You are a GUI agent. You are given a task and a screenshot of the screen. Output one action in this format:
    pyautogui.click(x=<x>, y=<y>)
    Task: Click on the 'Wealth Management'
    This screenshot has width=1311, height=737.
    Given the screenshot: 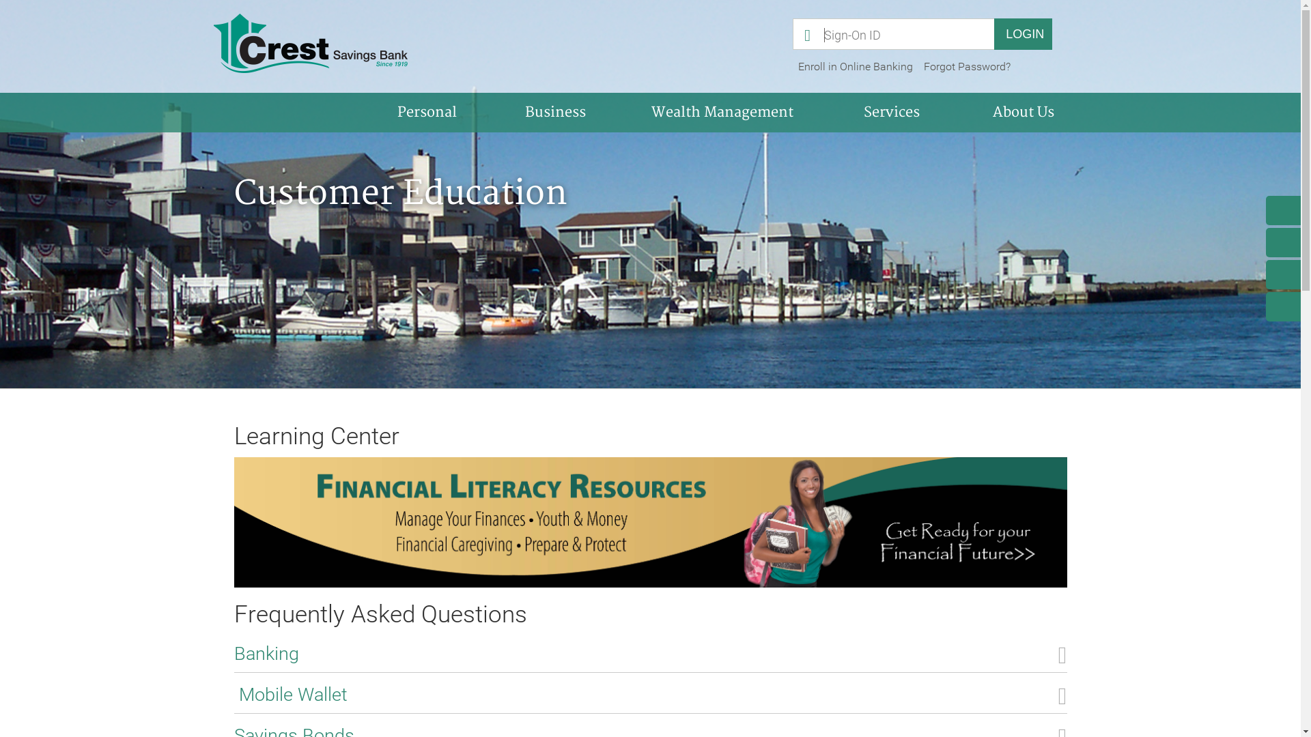 What is the action you would take?
    pyautogui.click(x=721, y=112)
    